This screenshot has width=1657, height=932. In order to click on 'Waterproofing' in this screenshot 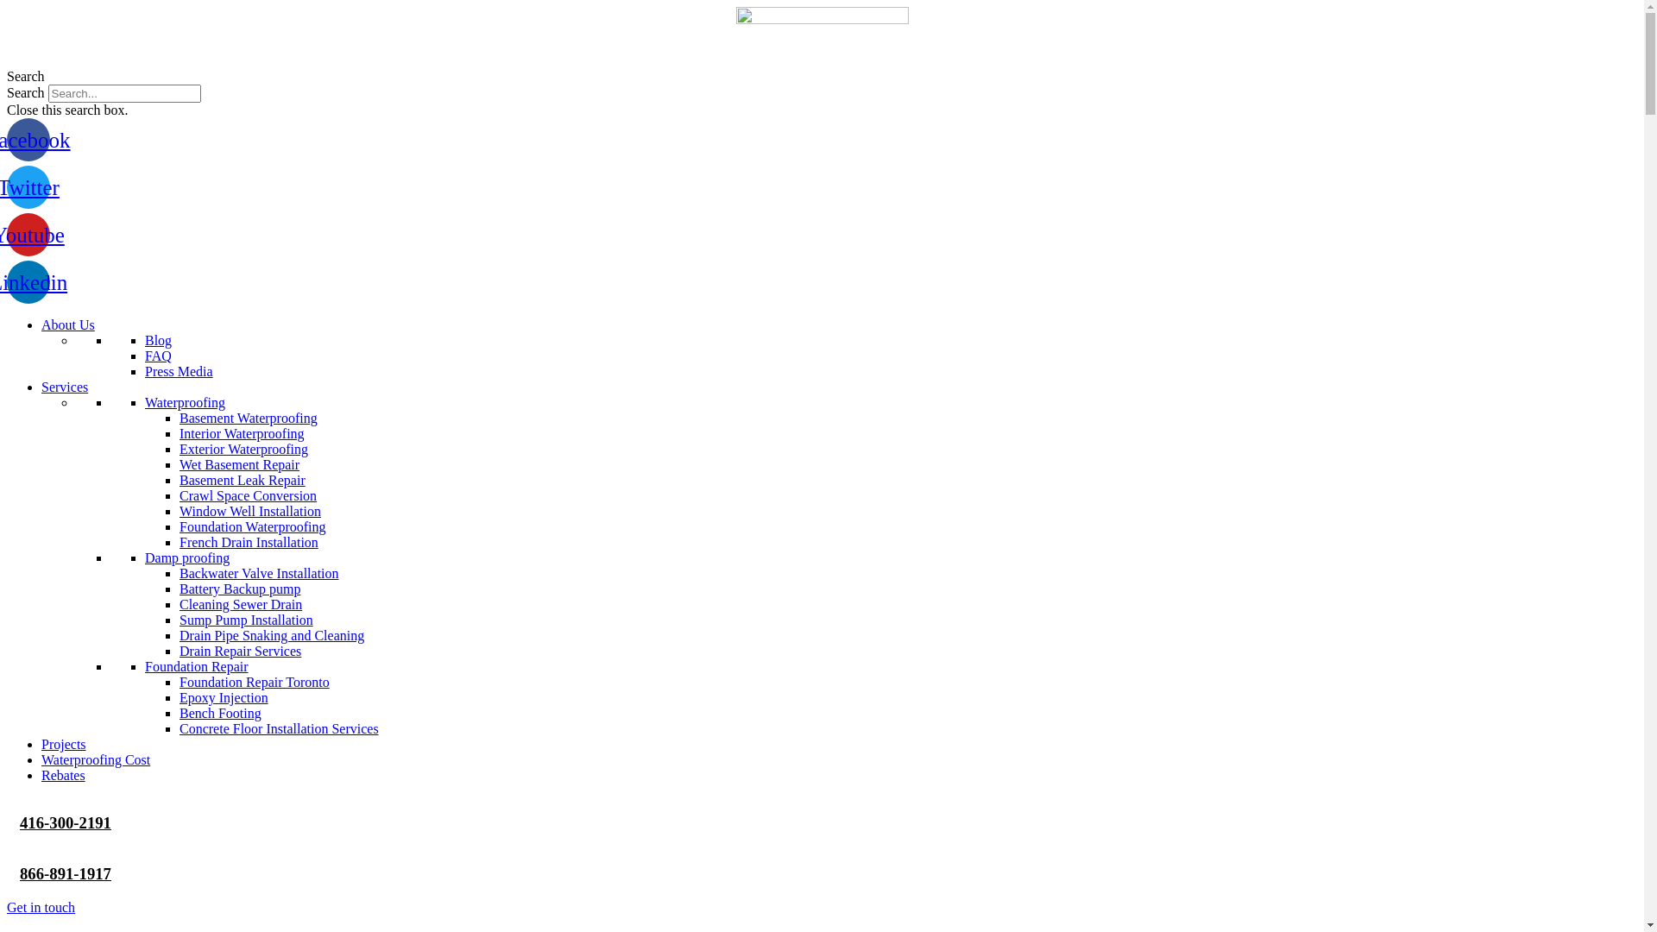, I will do `click(145, 402)`.